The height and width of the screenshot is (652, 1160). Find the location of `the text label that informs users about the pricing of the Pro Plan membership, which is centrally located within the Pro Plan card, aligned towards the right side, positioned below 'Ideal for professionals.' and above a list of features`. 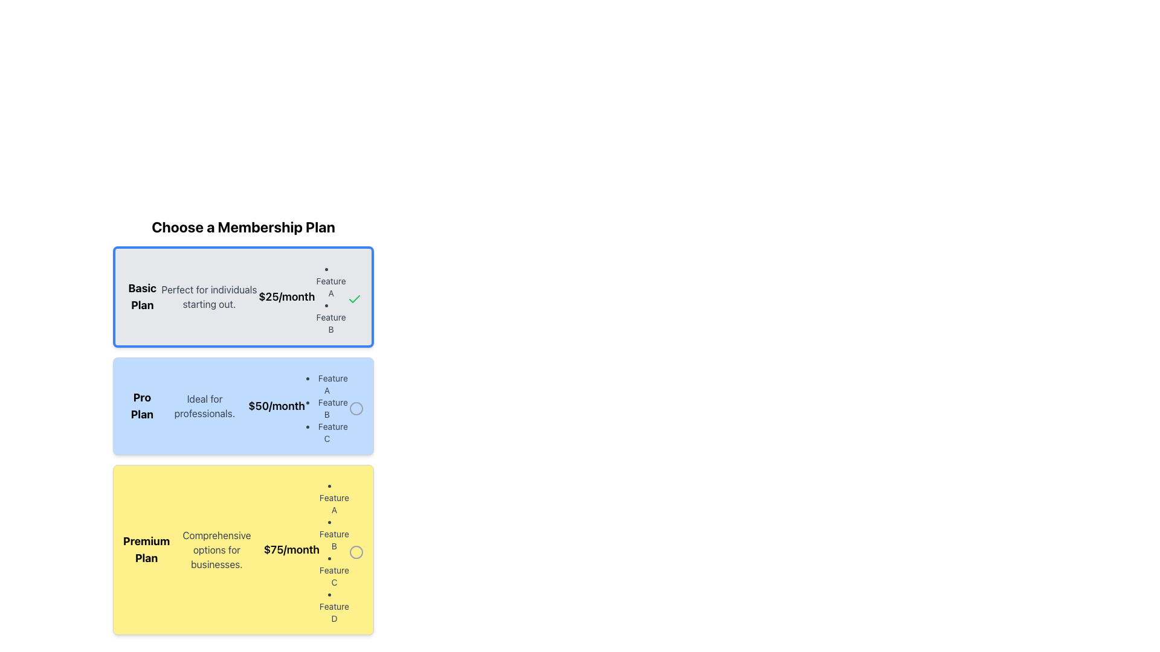

the text label that informs users about the pricing of the Pro Plan membership, which is centrally located within the Pro Plan card, aligned towards the right side, positioned below 'Ideal for professionals.' and above a list of features is located at coordinates (276, 406).